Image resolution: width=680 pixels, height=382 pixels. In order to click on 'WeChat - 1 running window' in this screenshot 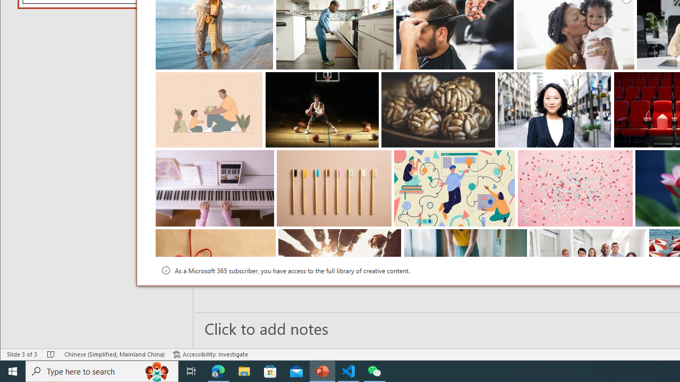, I will do `click(375, 370)`.